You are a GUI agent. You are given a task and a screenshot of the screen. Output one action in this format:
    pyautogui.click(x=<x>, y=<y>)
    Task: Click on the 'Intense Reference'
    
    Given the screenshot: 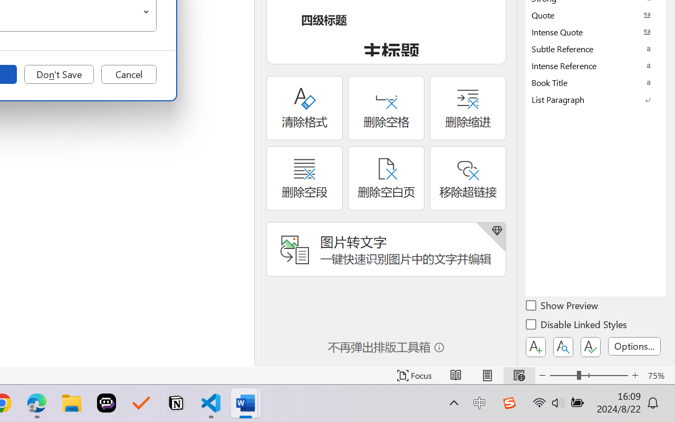 What is the action you would take?
    pyautogui.click(x=596, y=65)
    